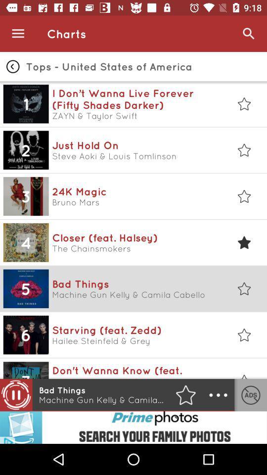 Image resolution: width=267 pixels, height=475 pixels. Describe the element at coordinates (185, 395) in the screenshot. I see `the star icon` at that location.